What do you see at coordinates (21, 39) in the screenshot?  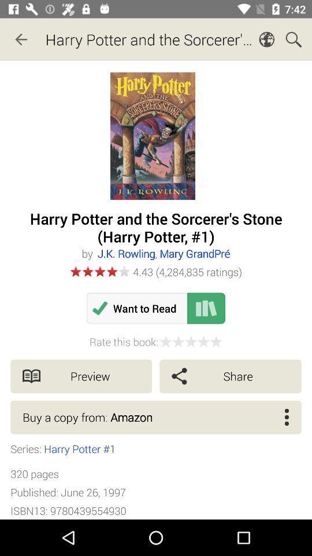 I see `item at the top left corner` at bounding box center [21, 39].